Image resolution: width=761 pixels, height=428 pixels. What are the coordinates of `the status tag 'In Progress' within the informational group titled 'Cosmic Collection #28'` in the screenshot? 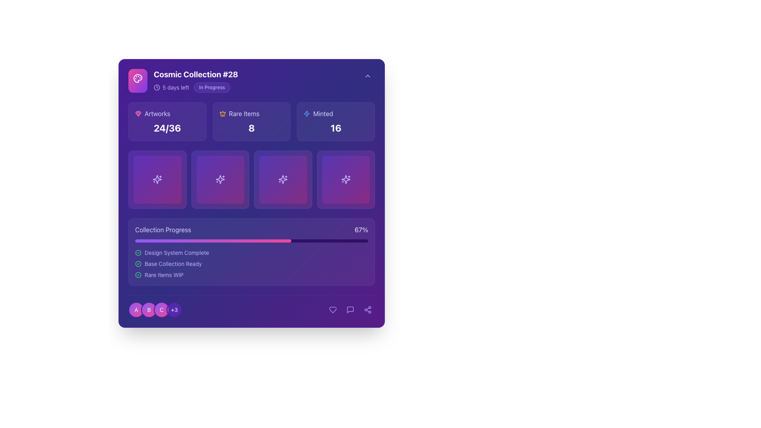 It's located at (196, 81).